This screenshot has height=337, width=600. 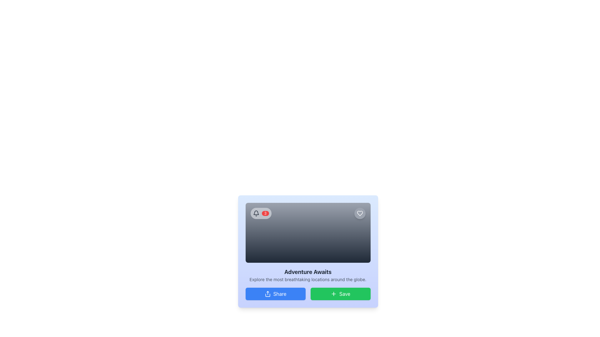 What do you see at coordinates (308, 279) in the screenshot?
I see `the descriptive text that provides additional information about exploring breathtaking locations worldwide, located directly below the 'Adventure Awaits' text` at bounding box center [308, 279].